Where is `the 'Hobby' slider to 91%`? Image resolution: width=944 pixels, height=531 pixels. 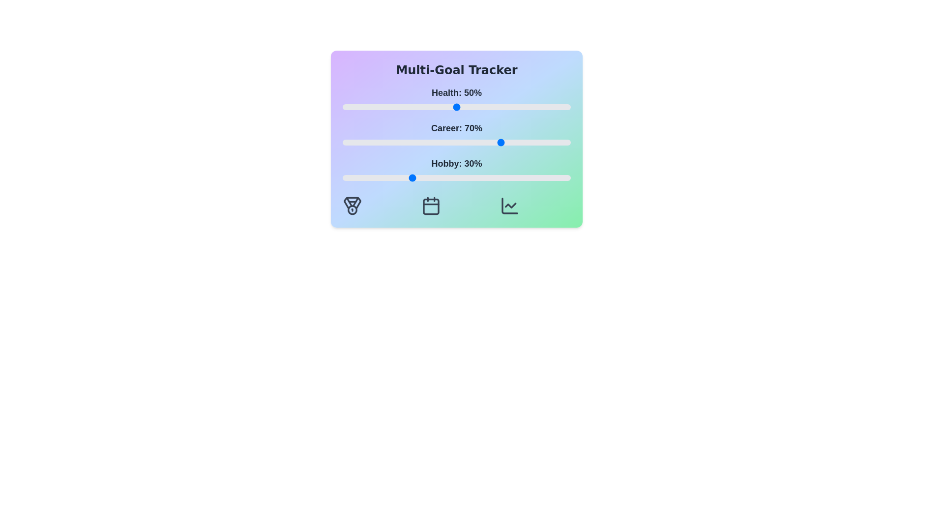
the 'Hobby' slider to 91% is located at coordinates (550, 178).